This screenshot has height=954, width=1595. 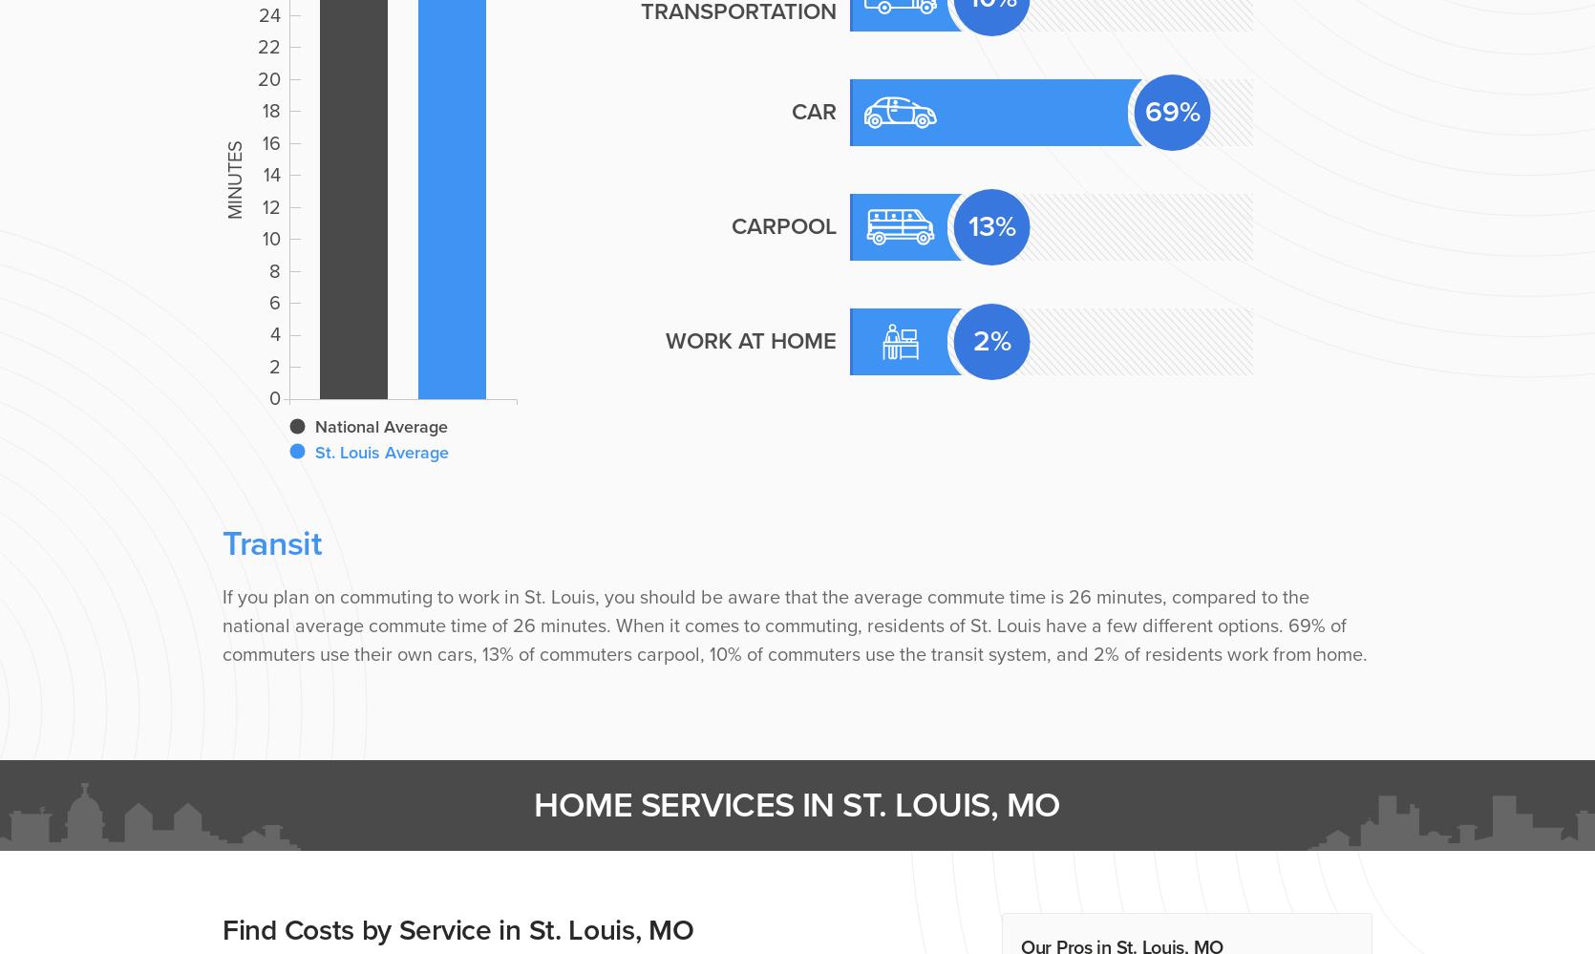 I want to click on '12', so click(x=270, y=205).